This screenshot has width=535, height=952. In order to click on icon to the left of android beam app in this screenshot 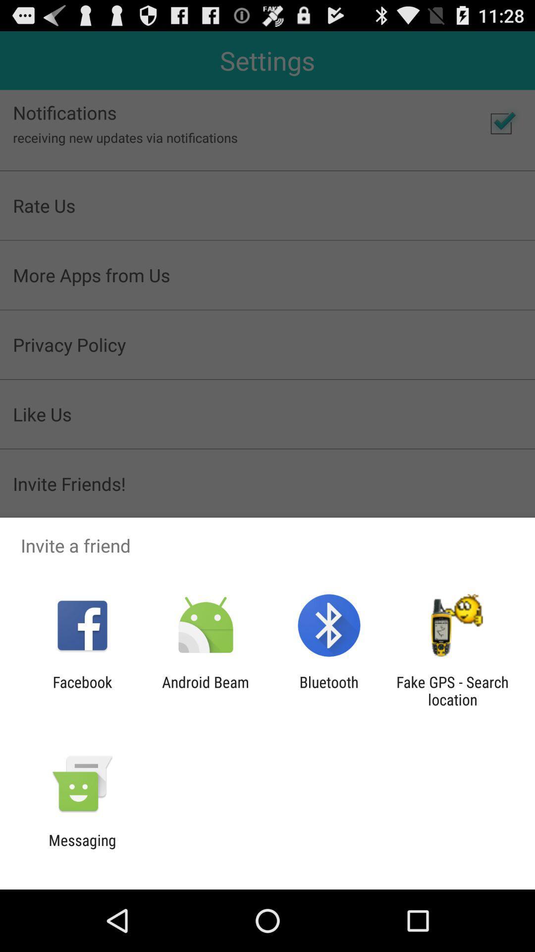, I will do `click(82, 690)`.